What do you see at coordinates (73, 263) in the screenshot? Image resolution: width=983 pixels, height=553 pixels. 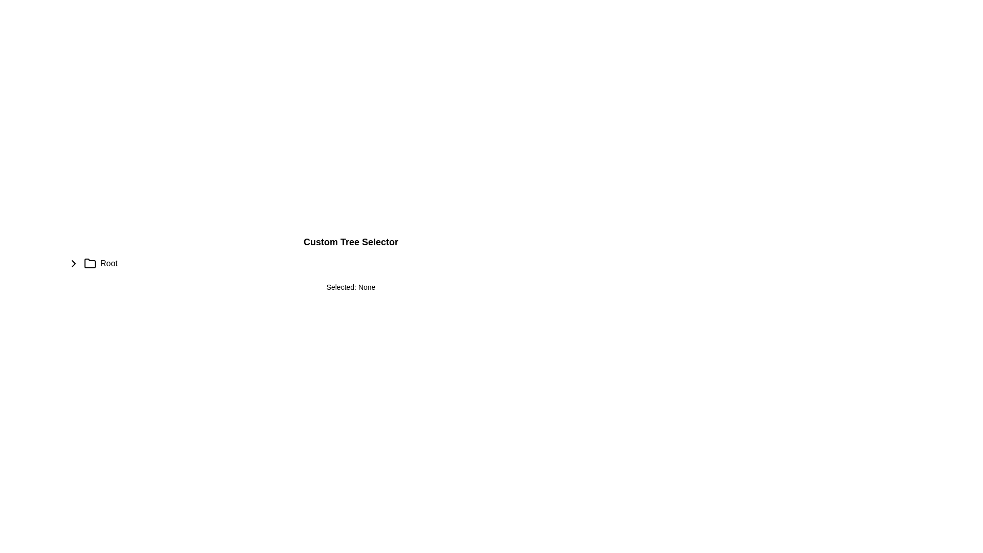 I see `the Chevron Arrow icon located next to the 'Root' text label` at bounding box center [73, 263].